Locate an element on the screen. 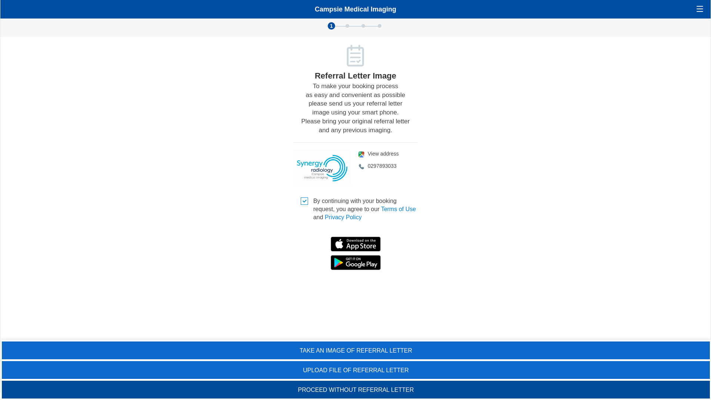 The width and height of the screenshot is (711, 400). 'PROCEED WITHOUT REFERRAL LETTER' is located at coordinates (355, 389).